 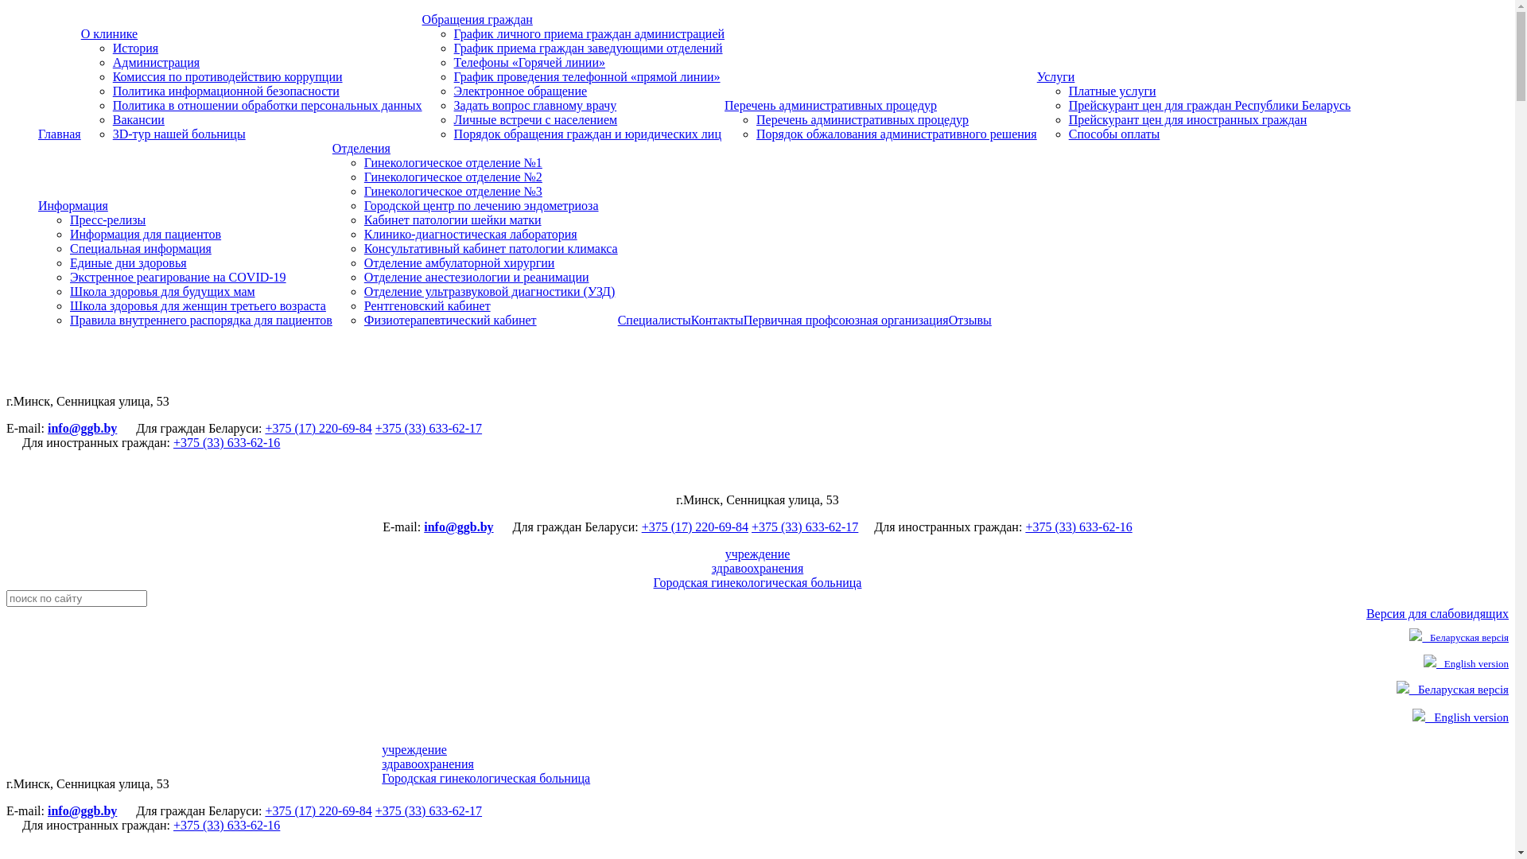 What do you see at coordinates (374, 427) in the screenshot?
I see `'+375 (33) 633-62-17'` at bounding box center [374, 427].